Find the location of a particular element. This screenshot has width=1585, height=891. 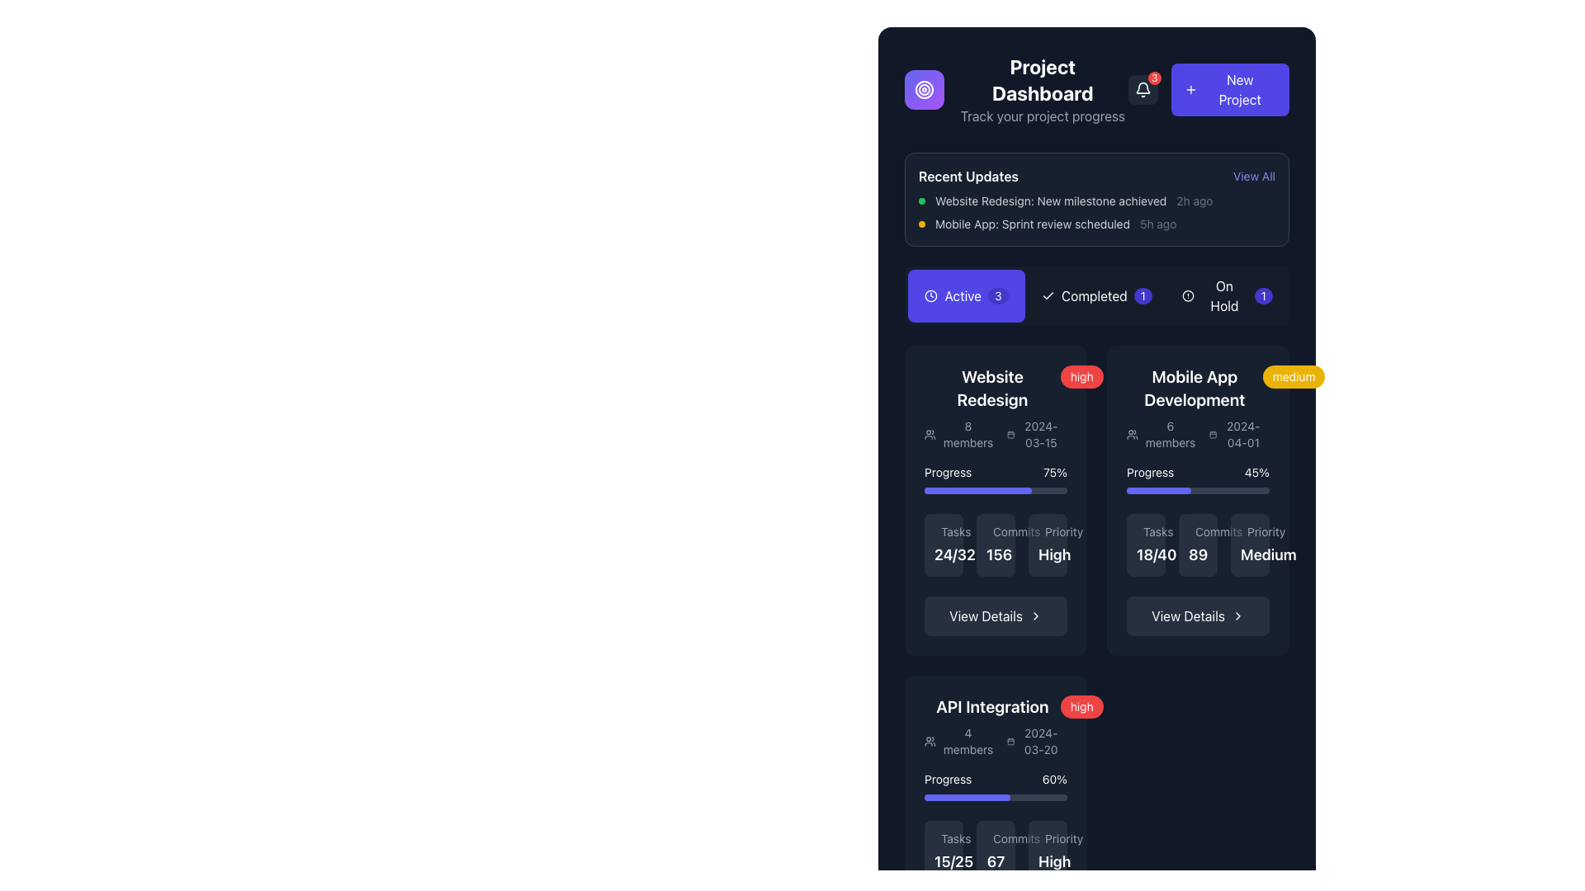

progress percentage displayed on the Progress bar labeled 'Progress' within the 'Website Redesign' project card in the 'Active Projects' section is located at coordinates (995, 479).